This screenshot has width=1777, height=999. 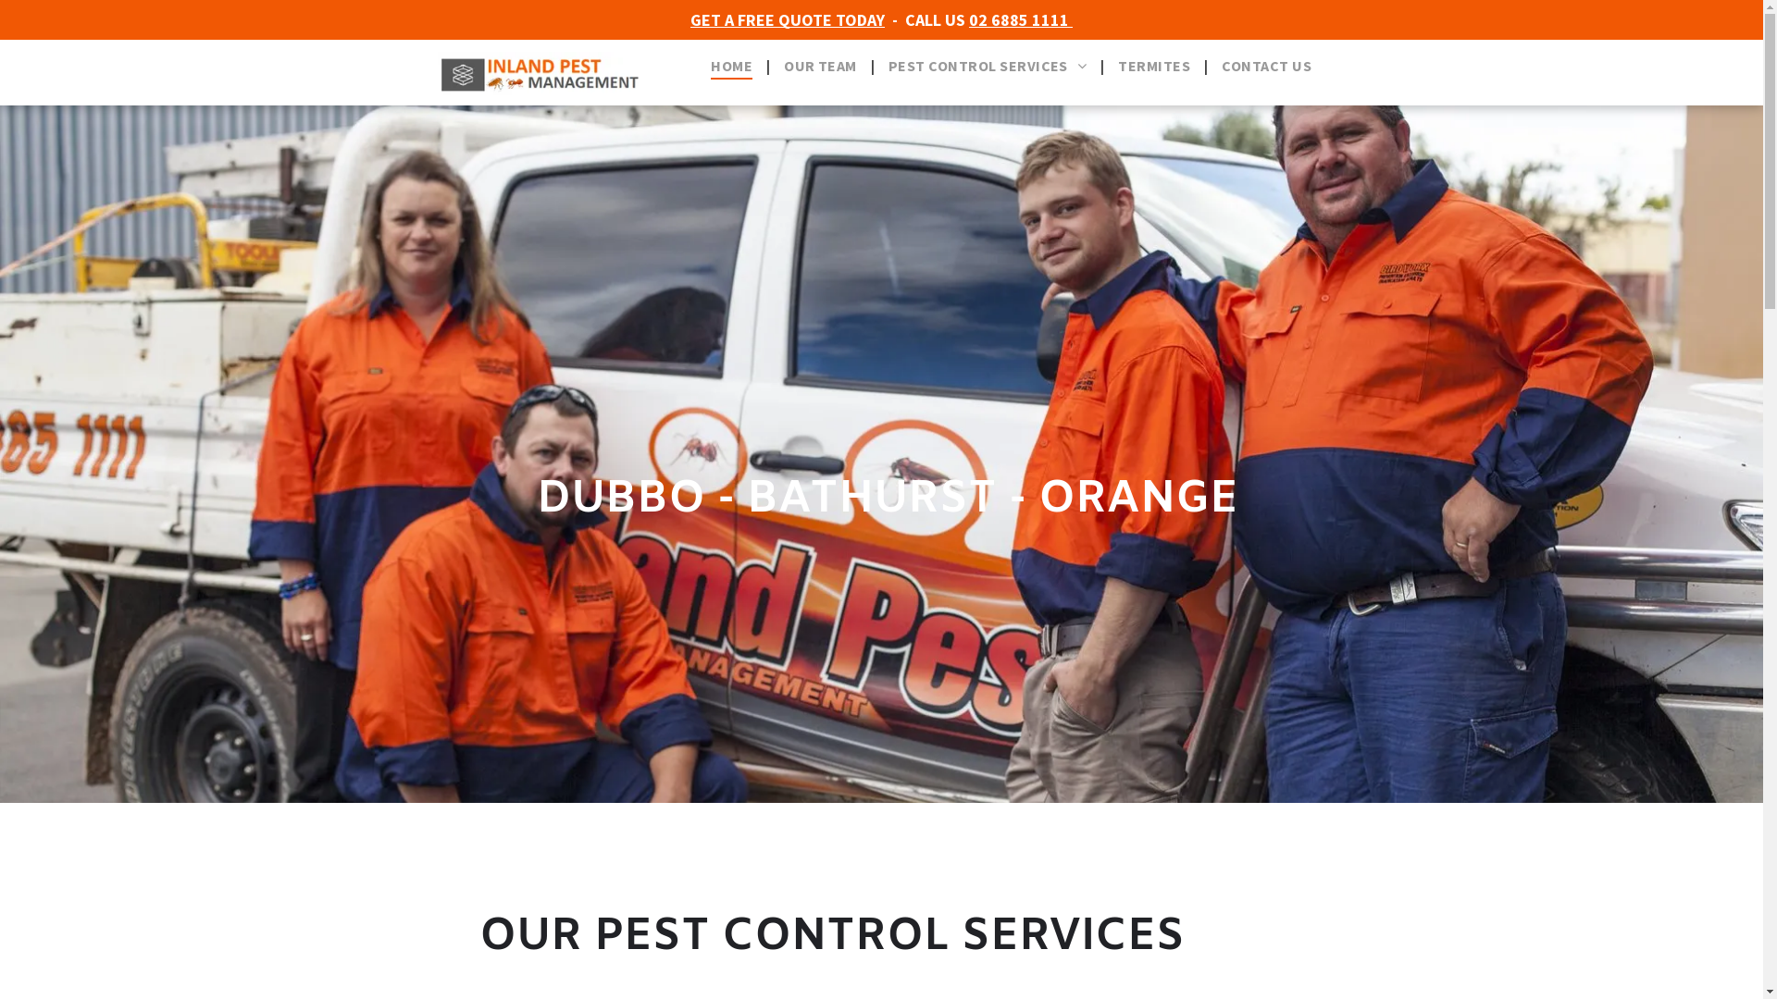 What do you see at coordinates (769, 64) in the screenshot?
I see `'OUR TEAM'` at bounding box center [769, 64].